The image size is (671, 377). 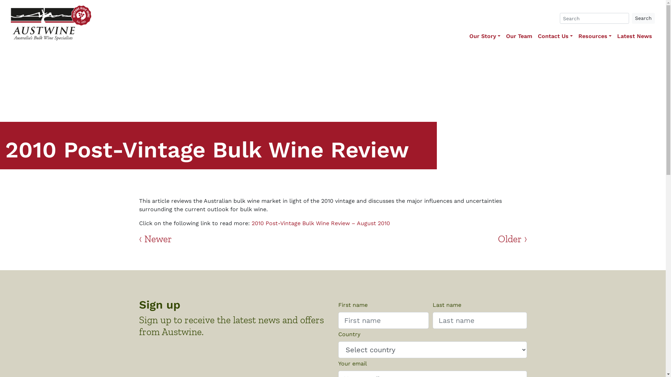 I want to click on 'Latest News', so click(x=634, y=36).